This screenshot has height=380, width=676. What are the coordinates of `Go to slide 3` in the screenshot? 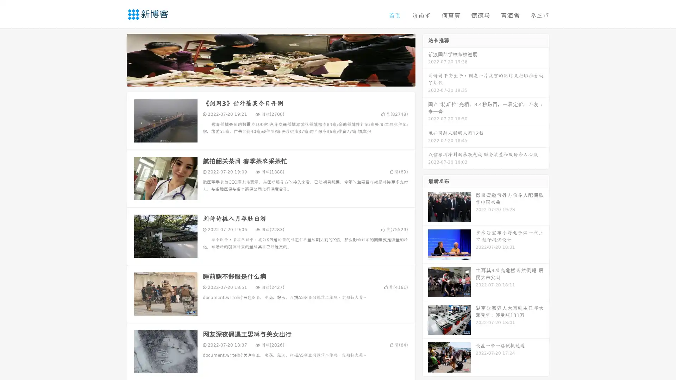 It's located at (278, 79).